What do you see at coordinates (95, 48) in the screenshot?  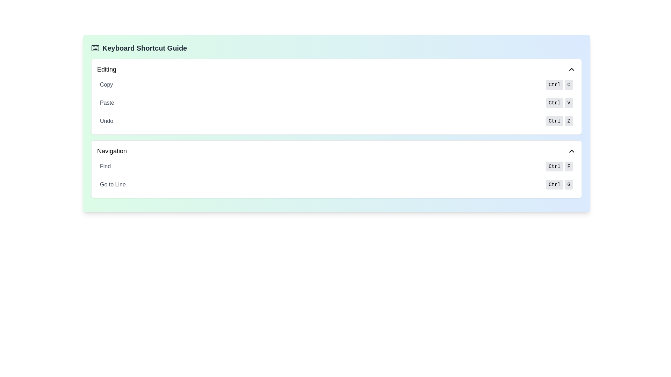 I see `the keyboard icon located to the left of the 'Keyboard Shortcut Guide' title, which is a minimalist design element marking the section's header` at bounding box center [95, 48].